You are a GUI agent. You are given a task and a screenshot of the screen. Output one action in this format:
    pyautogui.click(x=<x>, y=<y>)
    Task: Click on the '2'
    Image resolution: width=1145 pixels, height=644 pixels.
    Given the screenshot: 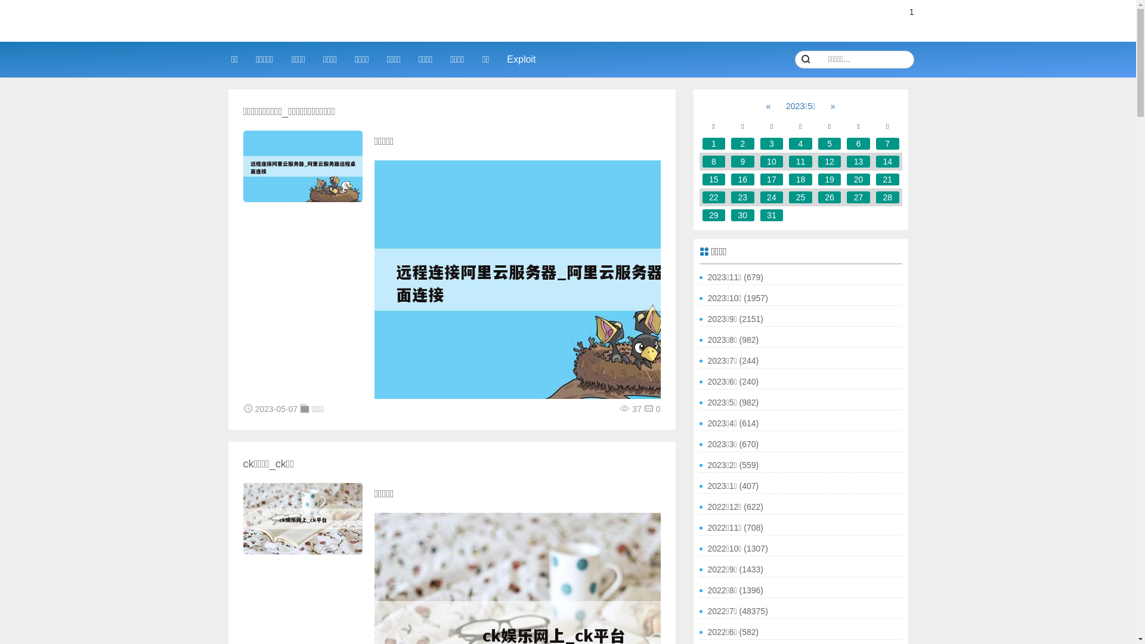 What is the action you would take?
    pyautogui.click(x=742, y=143)
    